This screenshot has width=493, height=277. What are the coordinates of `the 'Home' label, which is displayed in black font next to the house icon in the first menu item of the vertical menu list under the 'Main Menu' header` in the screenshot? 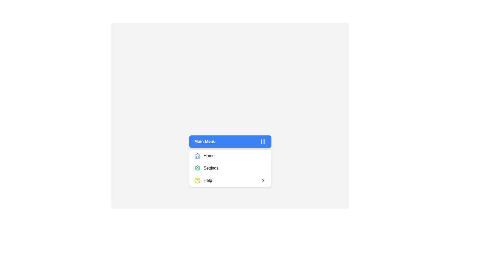 It's located at (209, 156).